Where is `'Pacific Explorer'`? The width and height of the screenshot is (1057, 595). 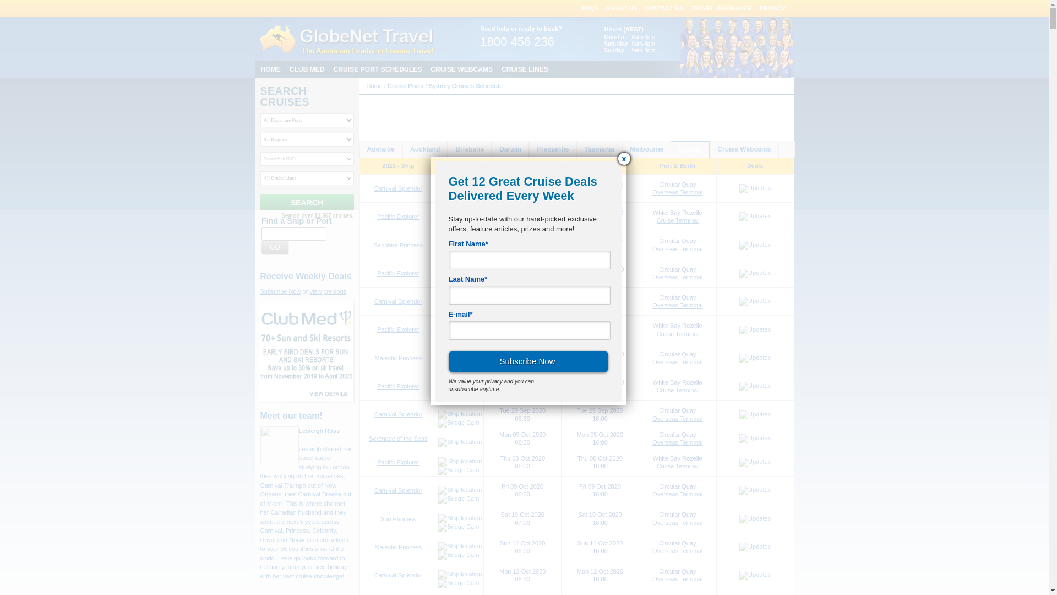
'Pacific Explorer' is located at coordinates (377, 462).